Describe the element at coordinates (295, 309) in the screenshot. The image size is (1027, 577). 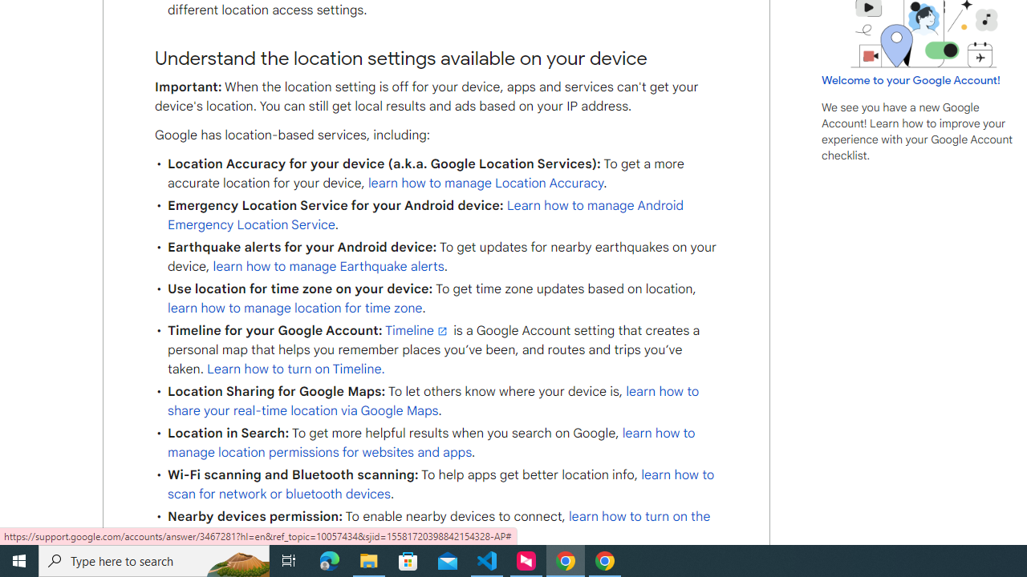
I see `'learn how to manage location for time zone'` at that location.